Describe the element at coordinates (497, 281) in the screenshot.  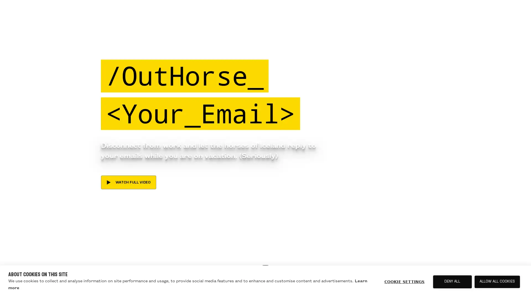
I see `ALLOW ALL COOKIES` at that location.